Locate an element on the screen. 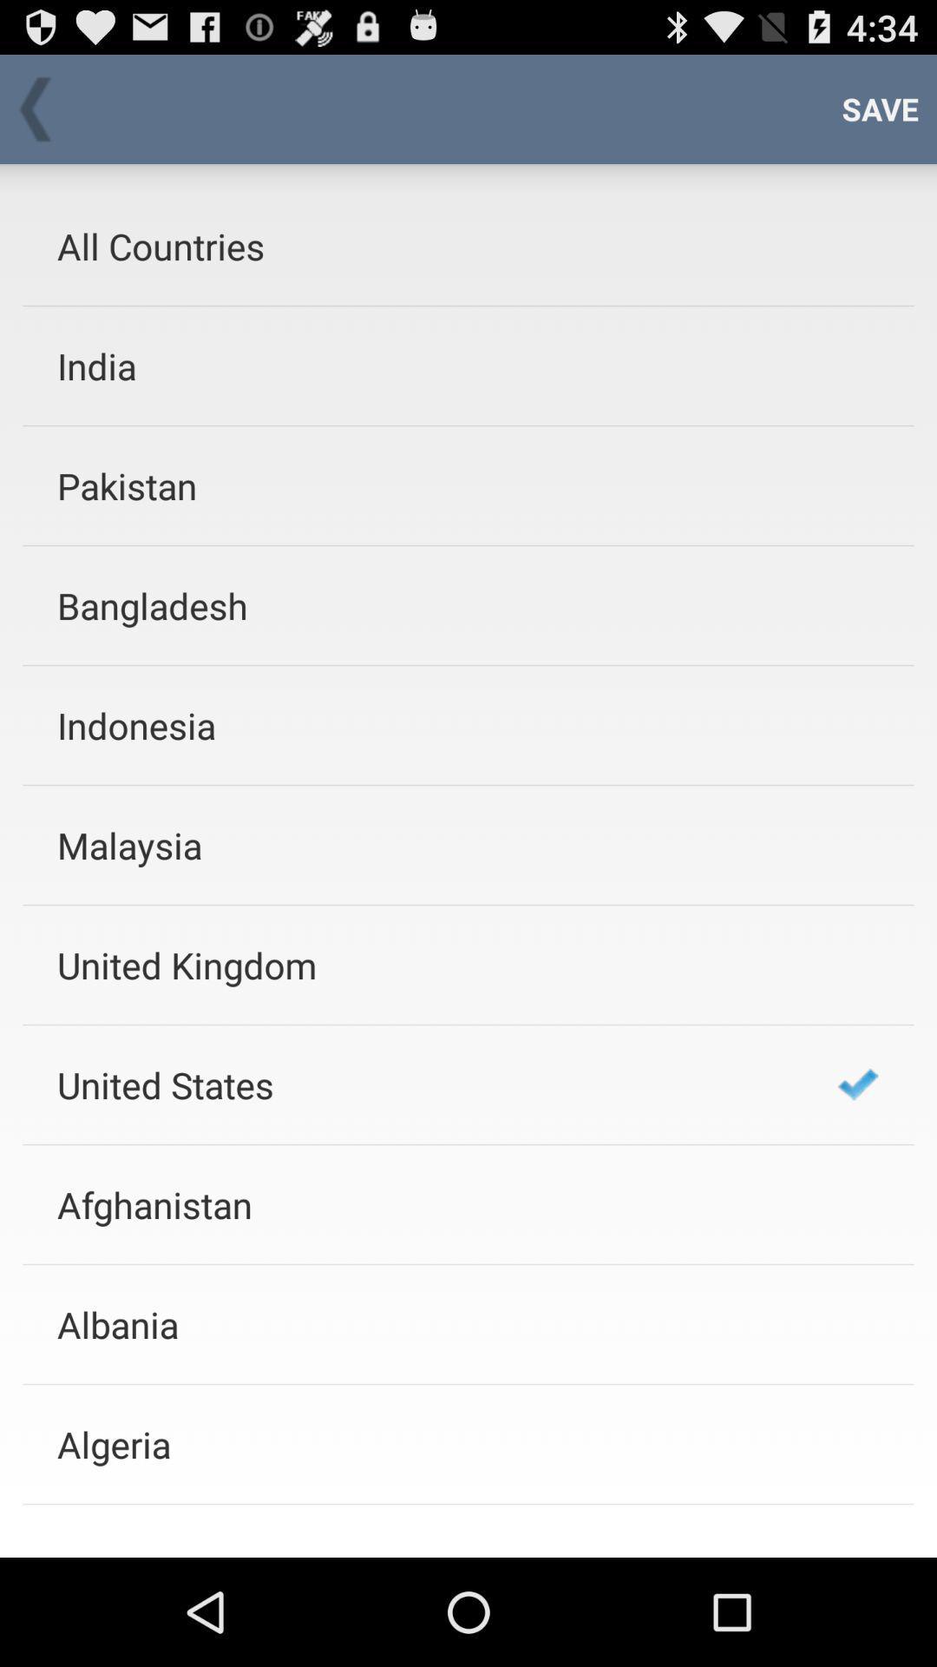 The width and height of the screenshot is (937, 1667). bangladesh icon is located at coordinates (424, 605).